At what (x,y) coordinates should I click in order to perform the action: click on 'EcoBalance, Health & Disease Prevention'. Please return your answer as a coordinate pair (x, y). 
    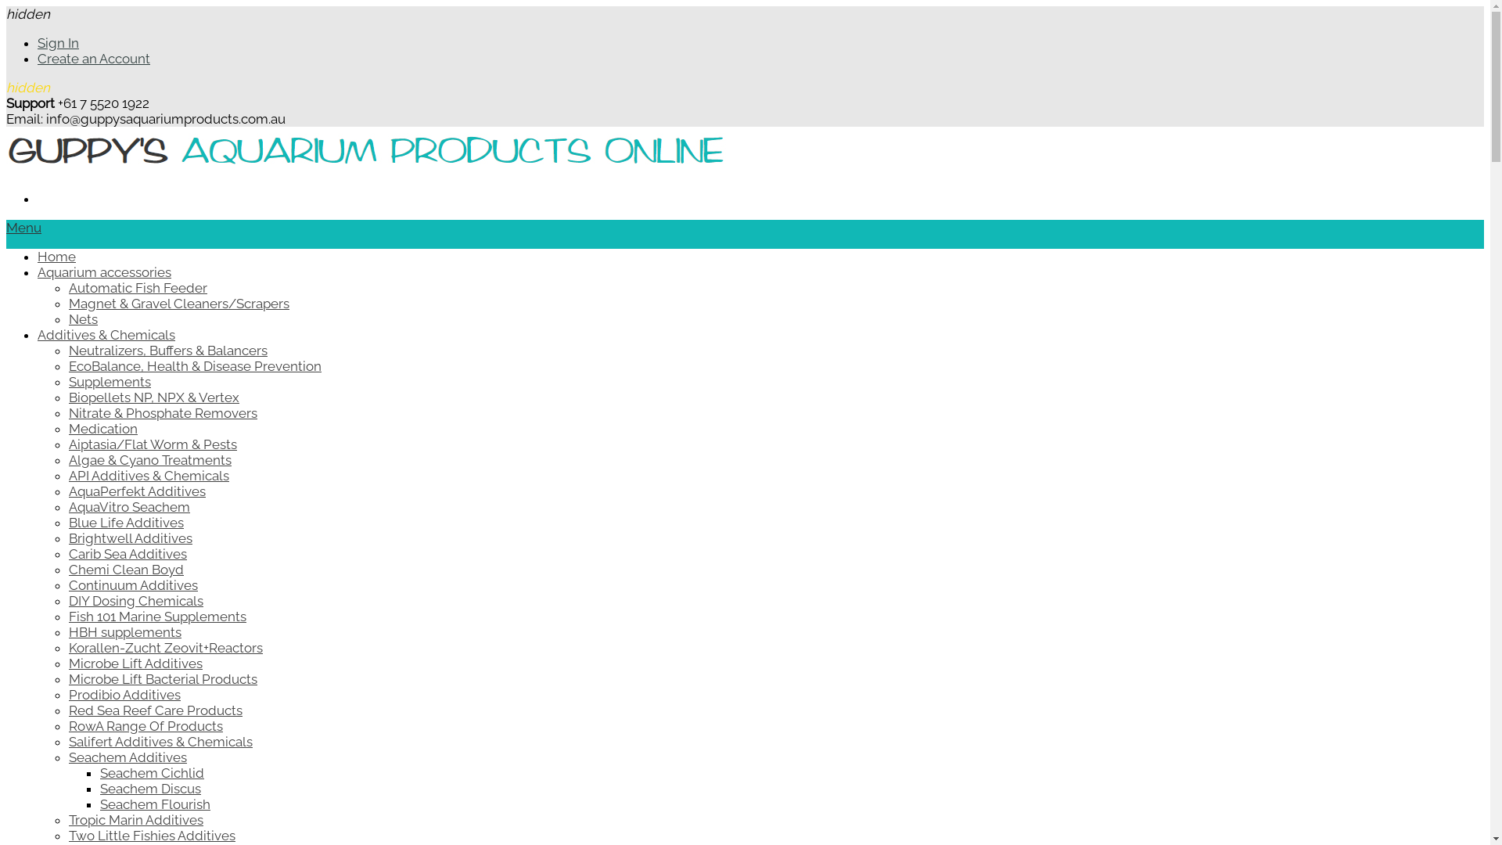
    Looking at the image, I should click on (194, 365).